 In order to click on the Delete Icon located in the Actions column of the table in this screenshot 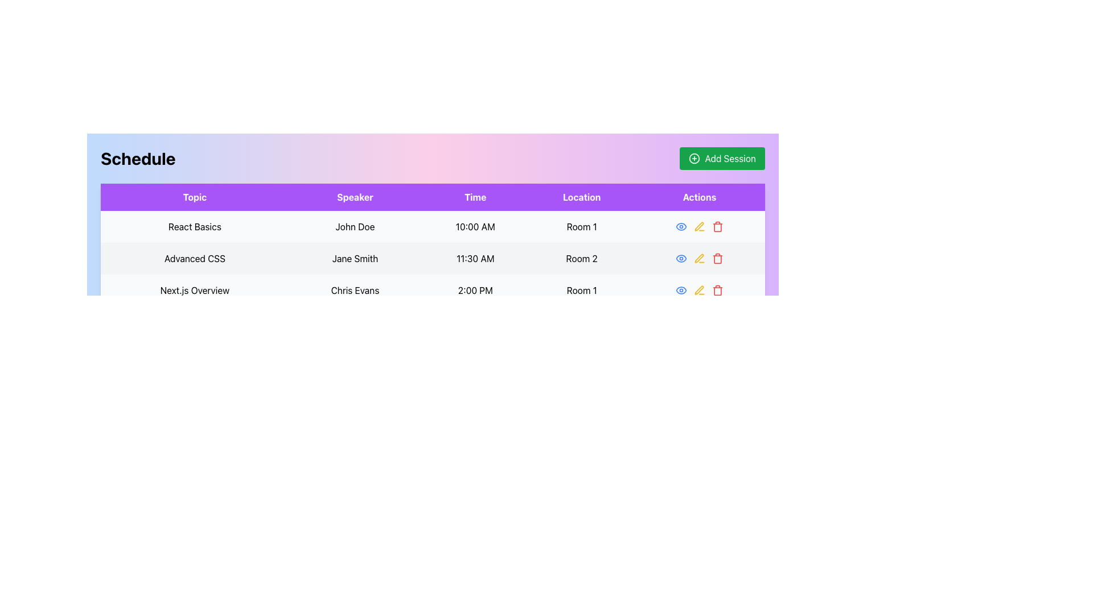, I will do `click(717, 227)`.